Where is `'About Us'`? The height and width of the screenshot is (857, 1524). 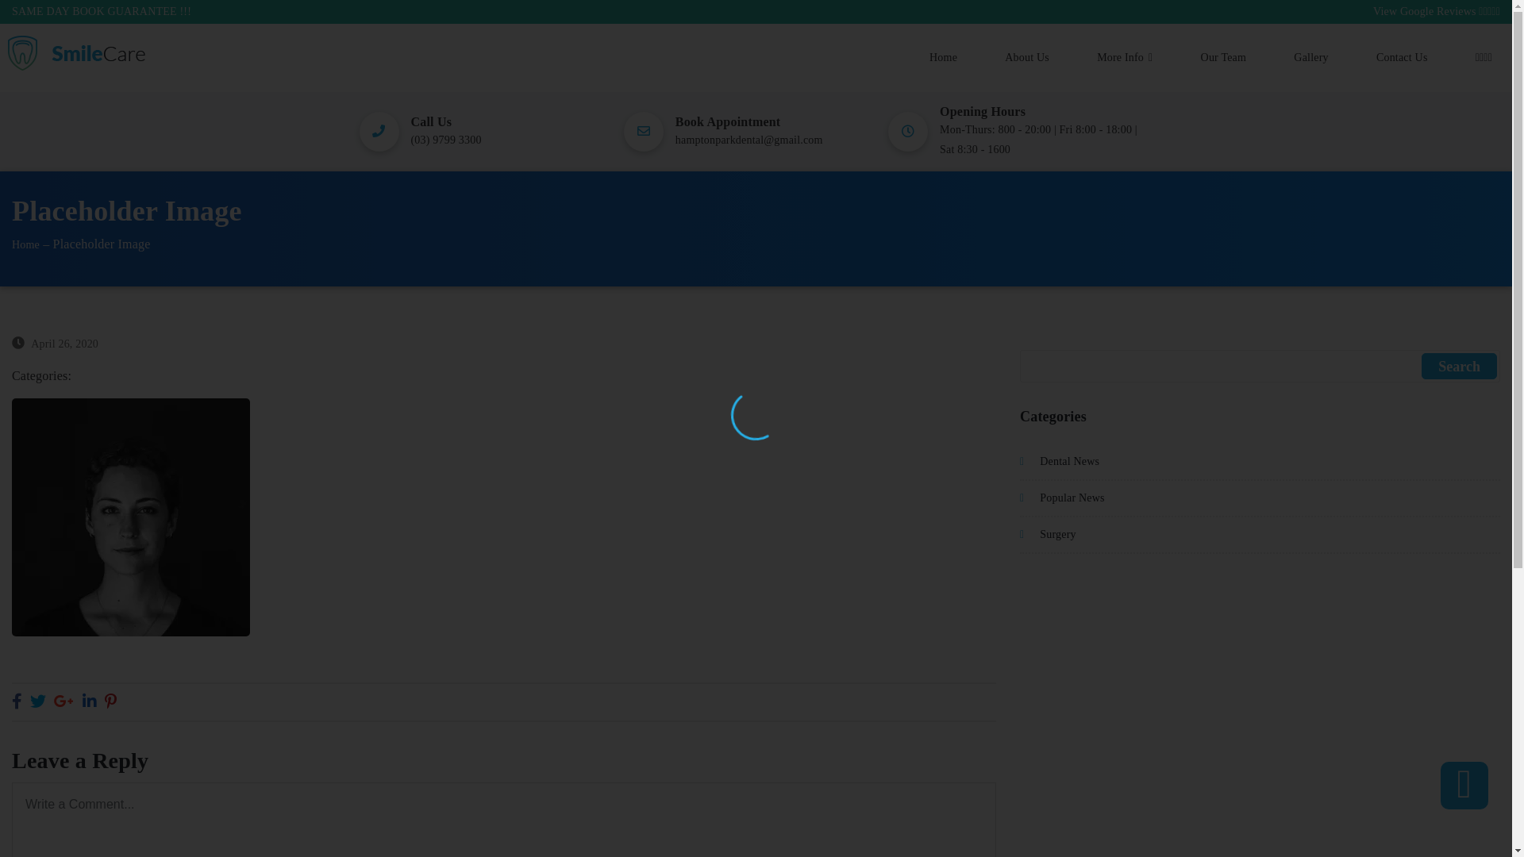 'About Us' is located at coordinates (1027, 56).